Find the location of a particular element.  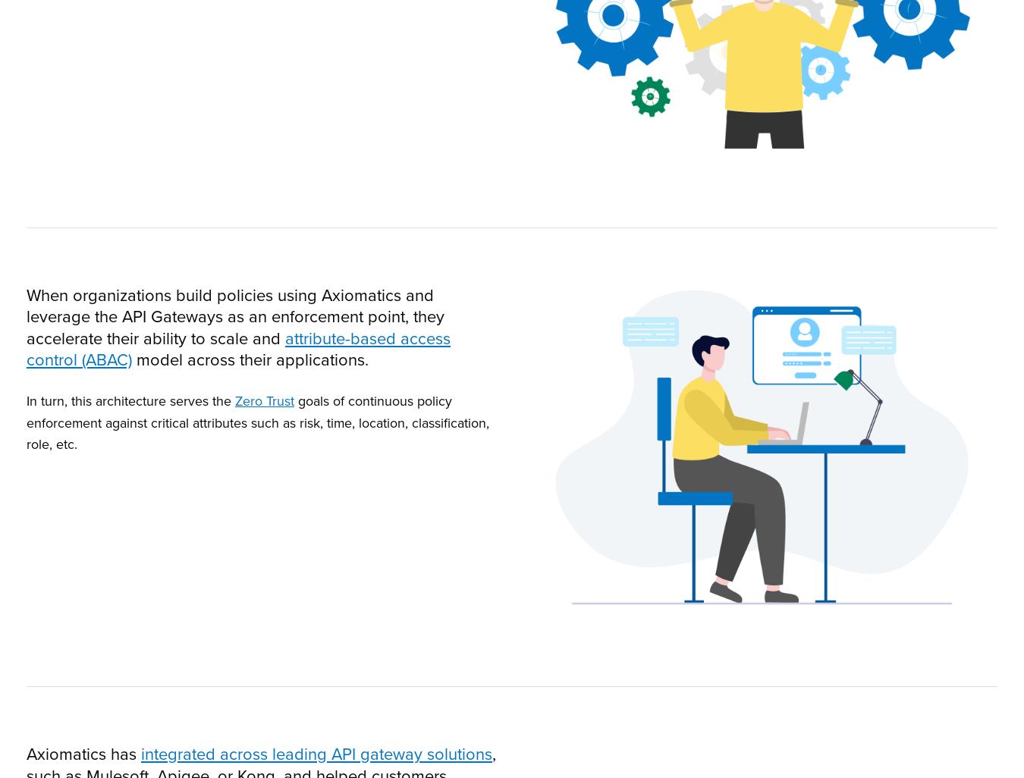

'Flexible, scalable, policy management for enterprise' is located at coordinates (198, 344).